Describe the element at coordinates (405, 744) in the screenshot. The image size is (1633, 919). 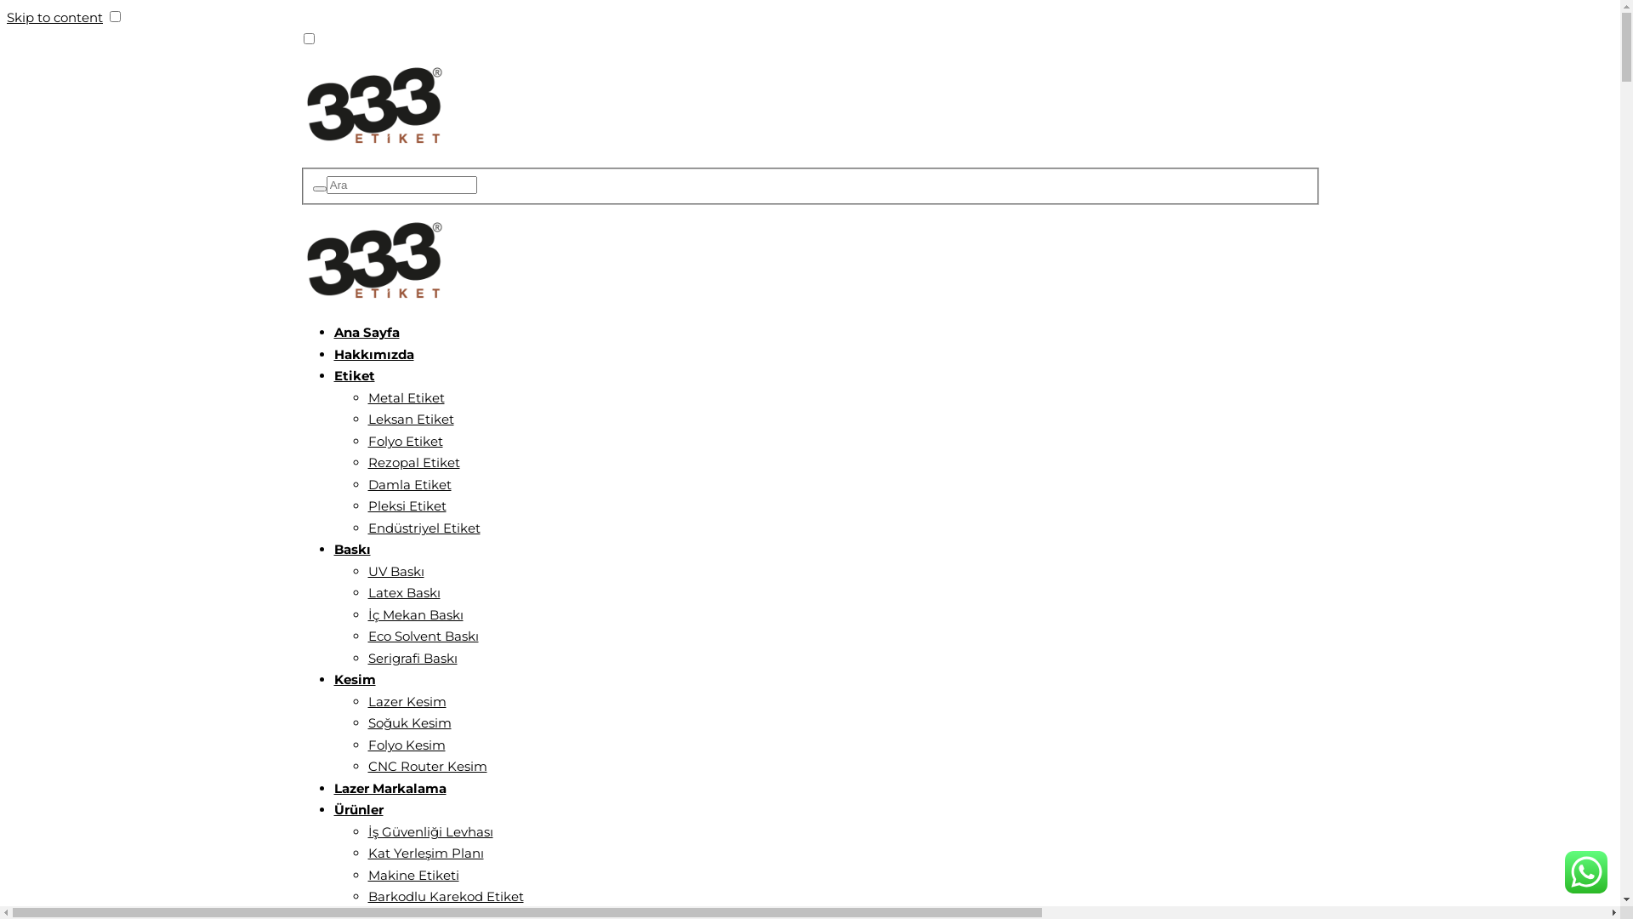
I see `'Folyo Kesim'` at that location.